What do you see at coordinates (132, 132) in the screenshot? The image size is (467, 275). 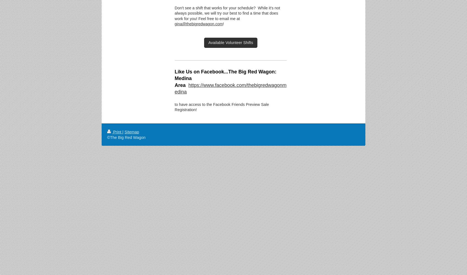 I see `'Sitemap'` at bounding box center [132, 132].